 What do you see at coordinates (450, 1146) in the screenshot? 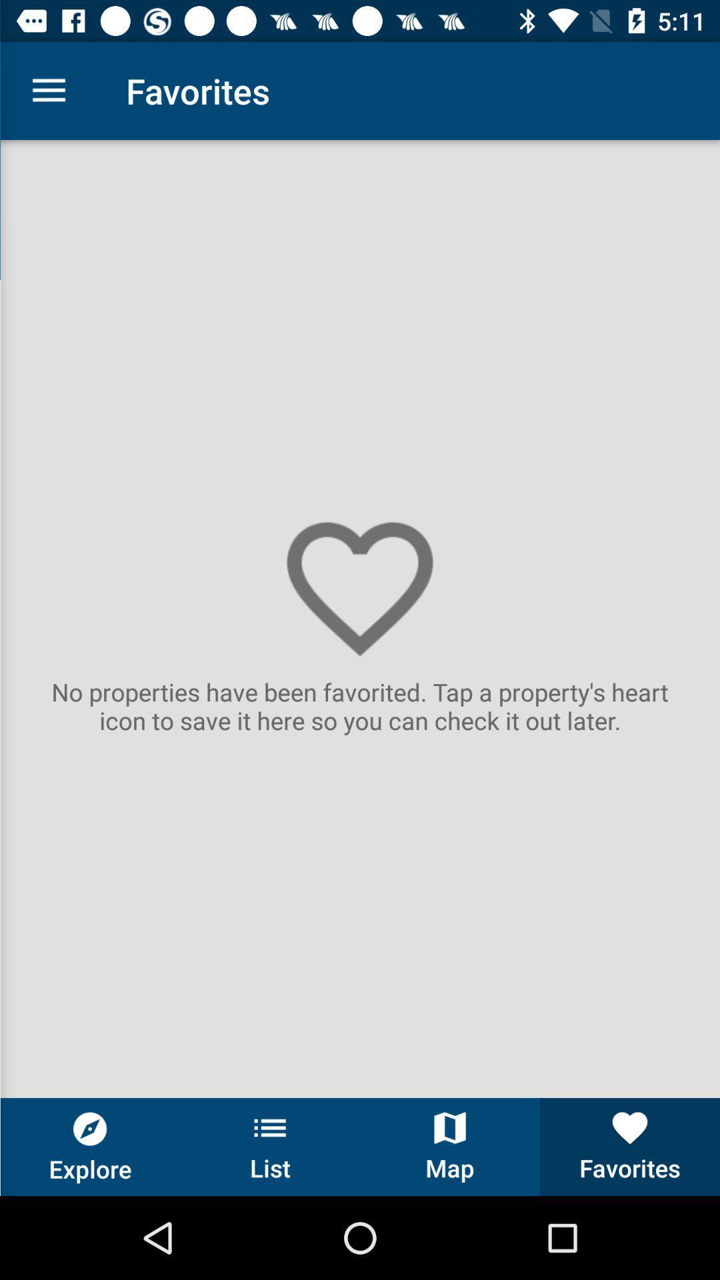
I see `button to the left of the favorites` at bounding box center [450, 1146].